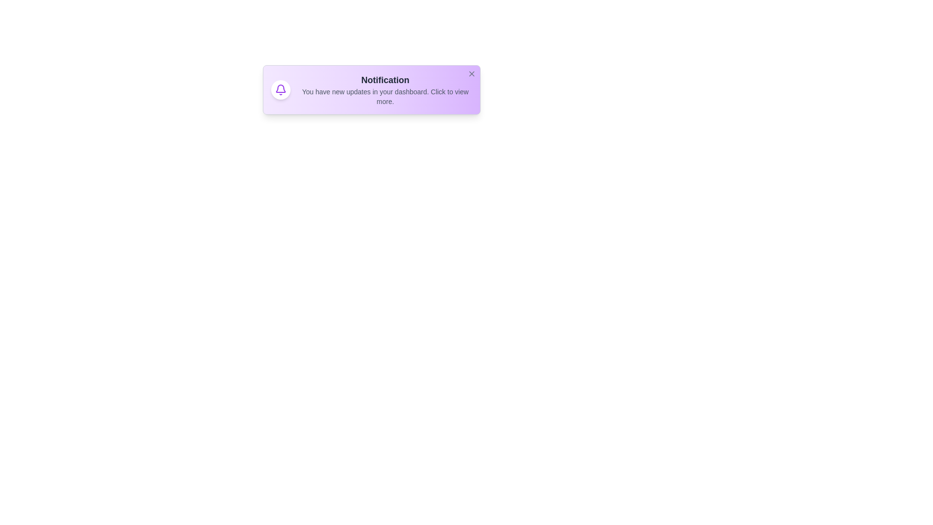 This screenshot has height=525, width=933. Describe the element at coordinates (471, 73) in the screenshot. I see `the close button located at the top right corner of the notification card` at that location.